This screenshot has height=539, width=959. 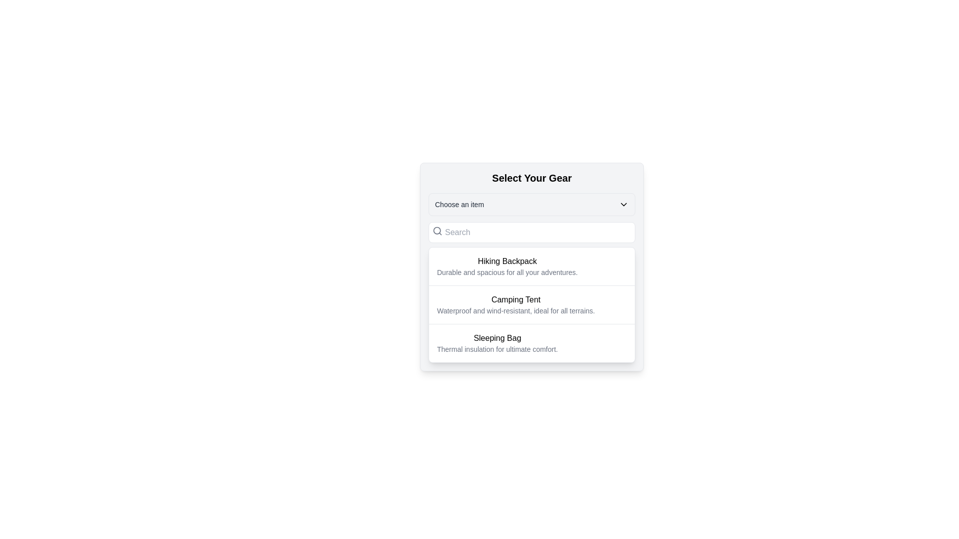 What do you see at coordinates (623, 204) in the screenshot?
I see `the downward-pointing black chevron indicator icon located on the right side of the 'Choose an item' dropdown menu` at bounding box center [623, 204].